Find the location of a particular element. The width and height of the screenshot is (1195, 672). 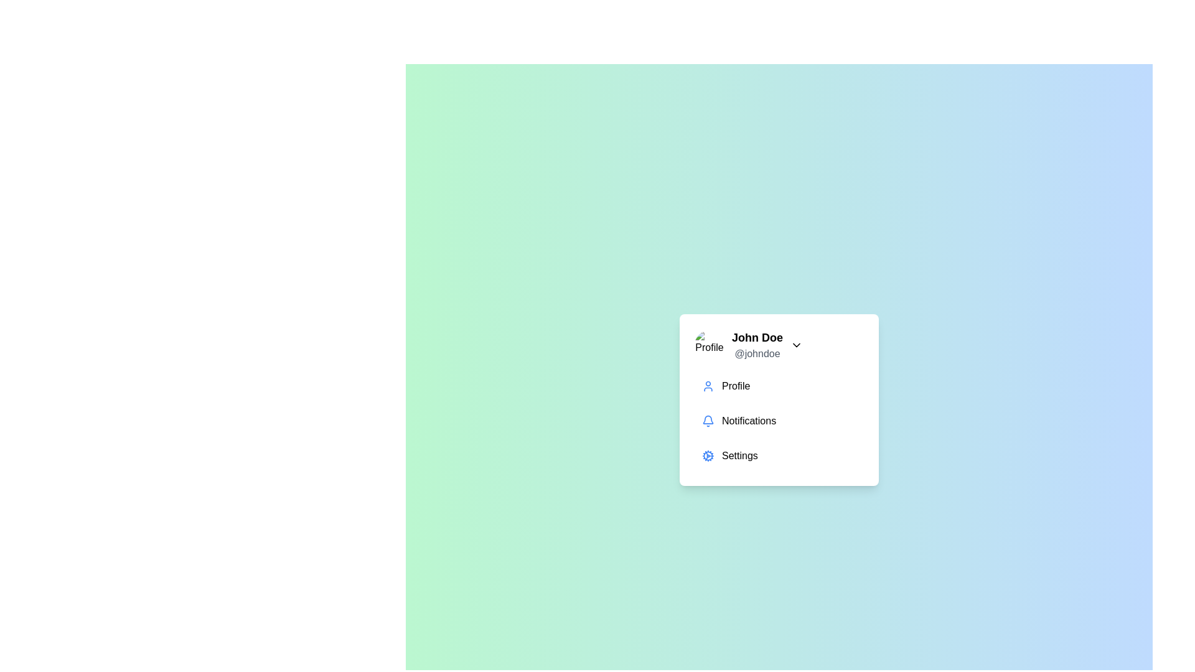

the menu item Profile from the dropdown is located at coordinates (779, 386).